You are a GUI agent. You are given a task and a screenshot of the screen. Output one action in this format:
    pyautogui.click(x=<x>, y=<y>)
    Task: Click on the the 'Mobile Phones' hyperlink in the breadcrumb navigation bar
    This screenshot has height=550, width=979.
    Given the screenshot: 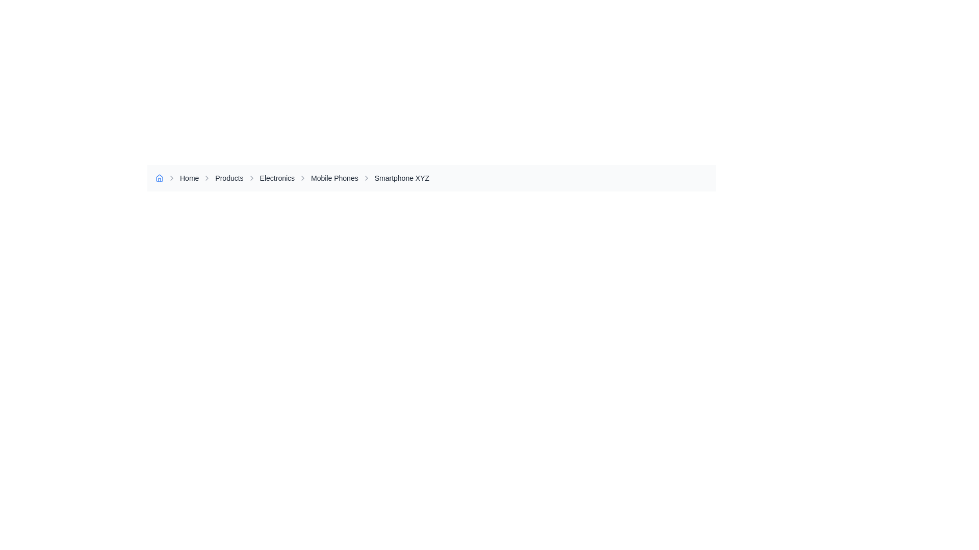 What is the action you would take?
    pyautogui.click(x=334, y=178)
    